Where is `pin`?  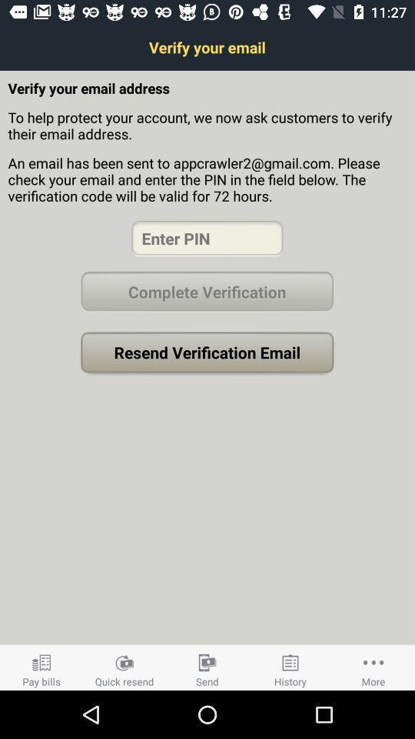
pin is located at coordinates (207, 238).